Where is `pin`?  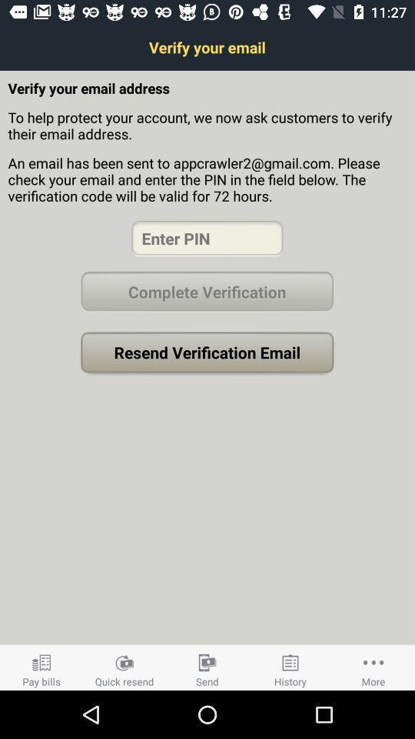
pin is located at coordinates (207, 238).